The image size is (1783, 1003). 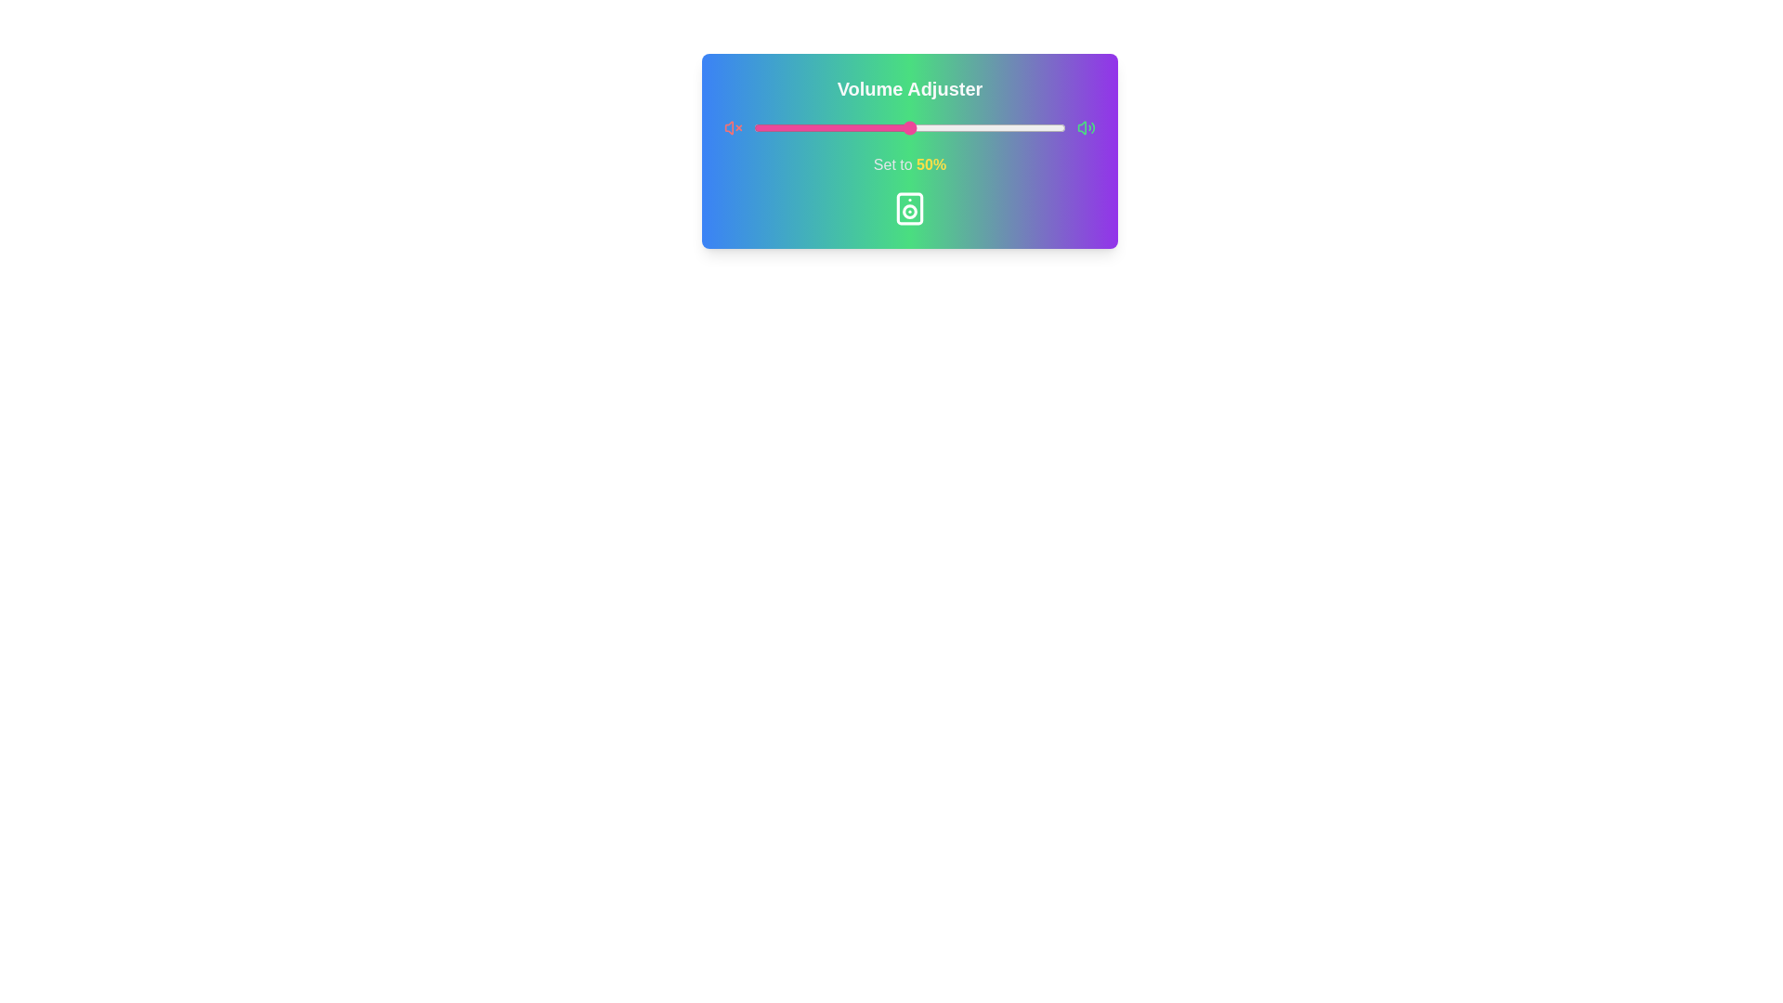 What do you see at coordinates (757, 127) in the screenshot?
I see `the volume slider to 1%, where 1 is a value between 0 and 100` at bounding box center [757, 127].